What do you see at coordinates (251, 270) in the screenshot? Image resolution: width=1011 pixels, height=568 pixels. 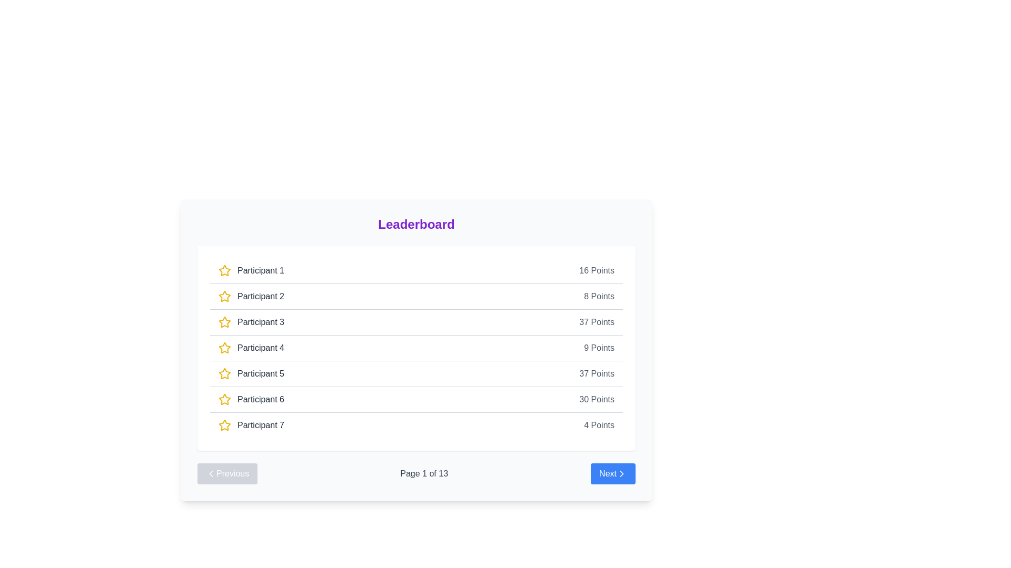 I see `participant's name displayed in the text label for 'Participant 1' on the leaderboard, which is the first item in the vertical list` at bounding box center [251, 270].